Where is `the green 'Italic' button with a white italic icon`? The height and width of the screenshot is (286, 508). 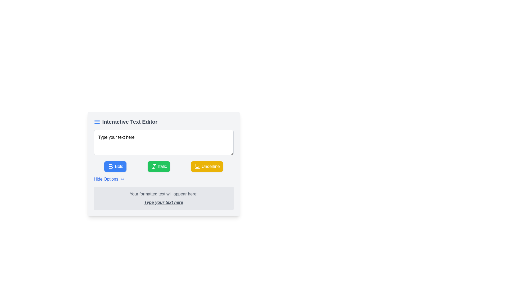 the green 'Italic' button with a white italic icon is located at coordinates (153, 166).